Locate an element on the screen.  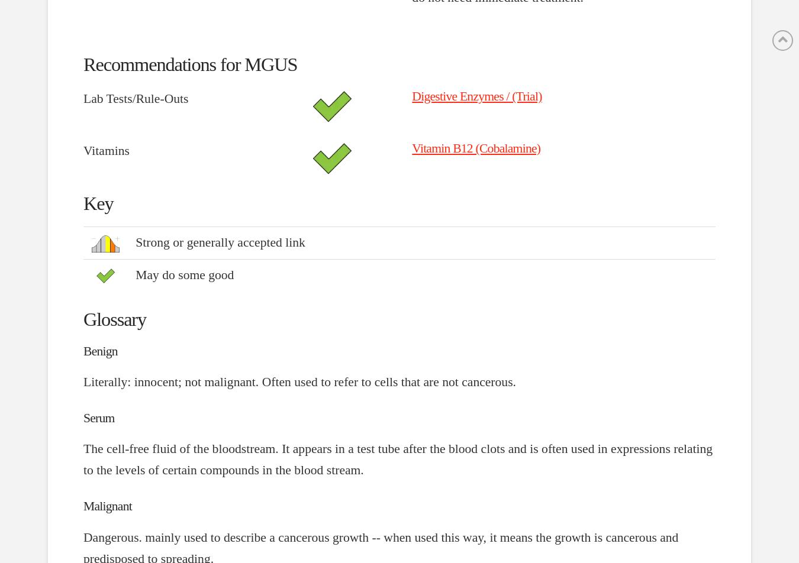
'Benign' is located at coordinates (83, 351).